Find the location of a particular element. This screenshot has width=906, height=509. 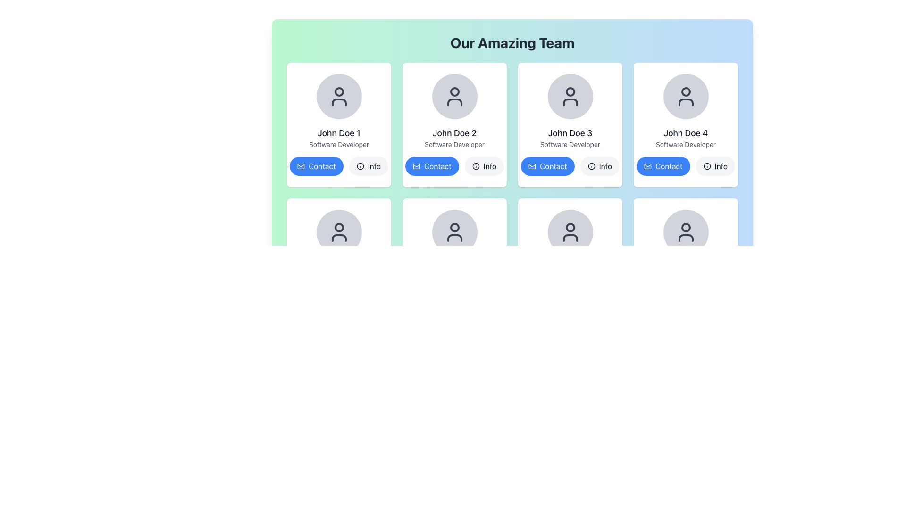

the blue 'Contact' button with a mail icon at its center, located under the 'John Doe 4' profile card, to initiate contact is located at coordinates (647, 166).